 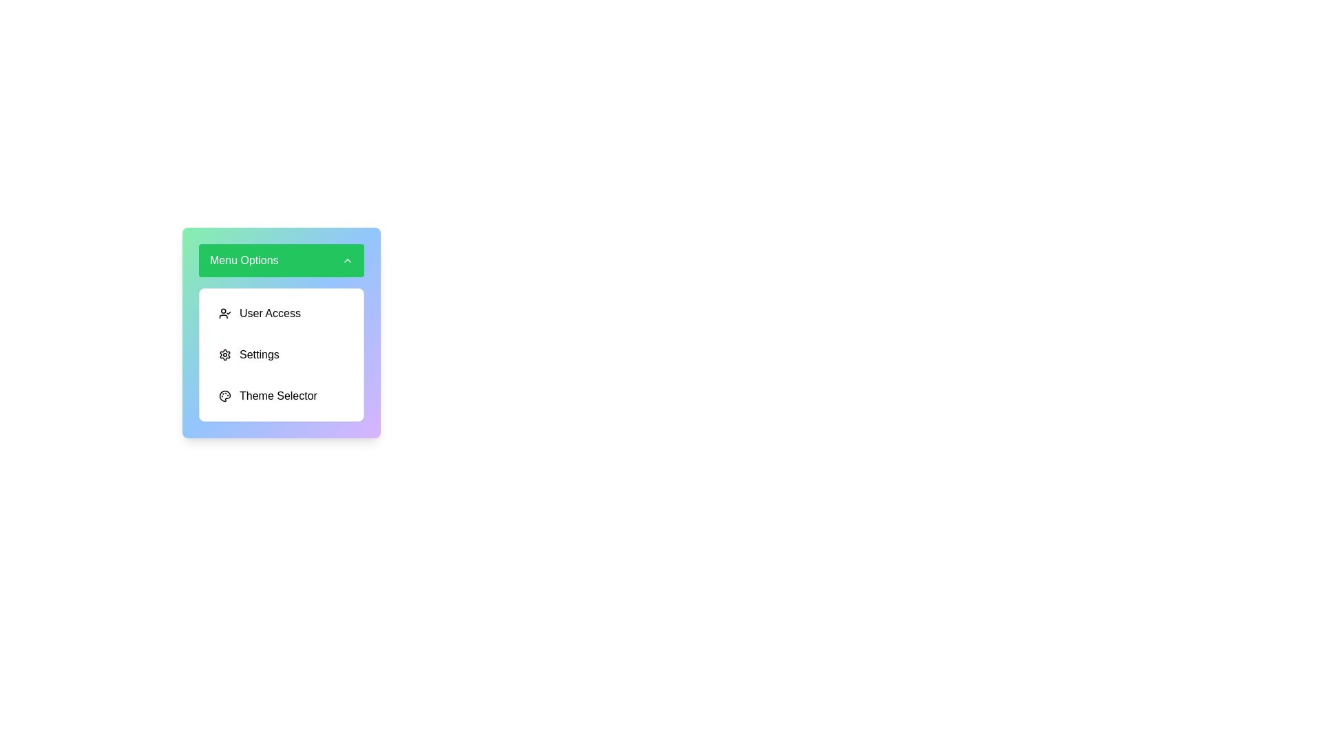 I want to click on the main menu button to toggle the visibility of the menu options, so click(x=280, y=260).